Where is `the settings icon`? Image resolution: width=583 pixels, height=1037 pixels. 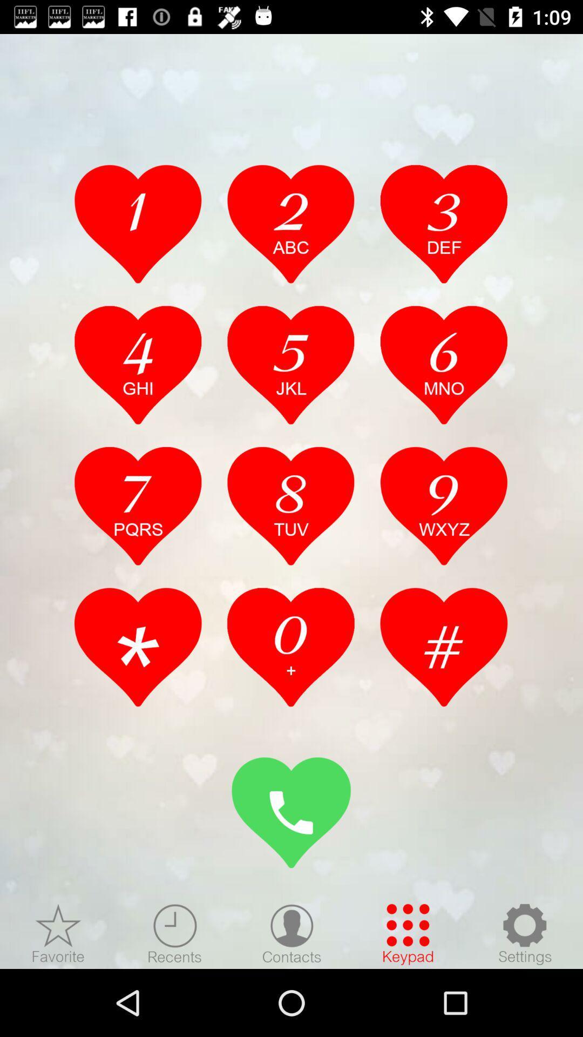 the settings icon is located at coordinates (524, 933).